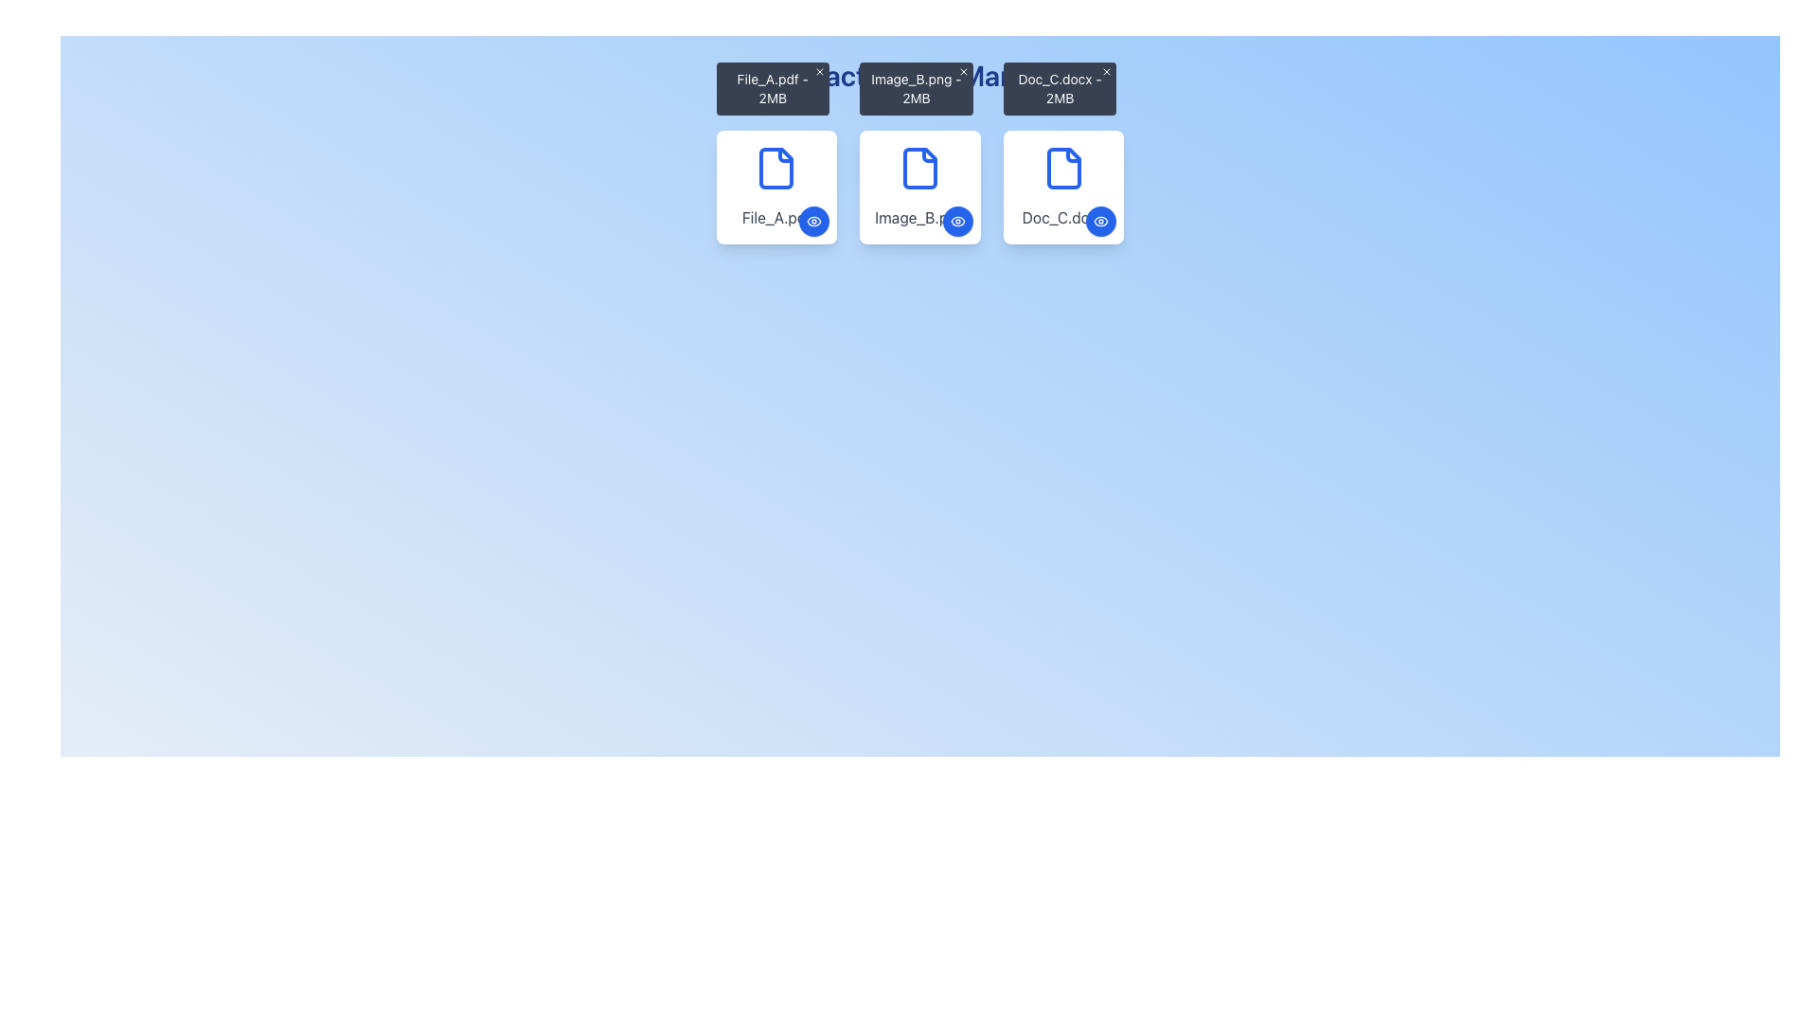  I want to click on the document type icon located at the top part of the card displaying 'Doc_C.docx', which is centered horizontally and just above the text label, so click(1063, 167).